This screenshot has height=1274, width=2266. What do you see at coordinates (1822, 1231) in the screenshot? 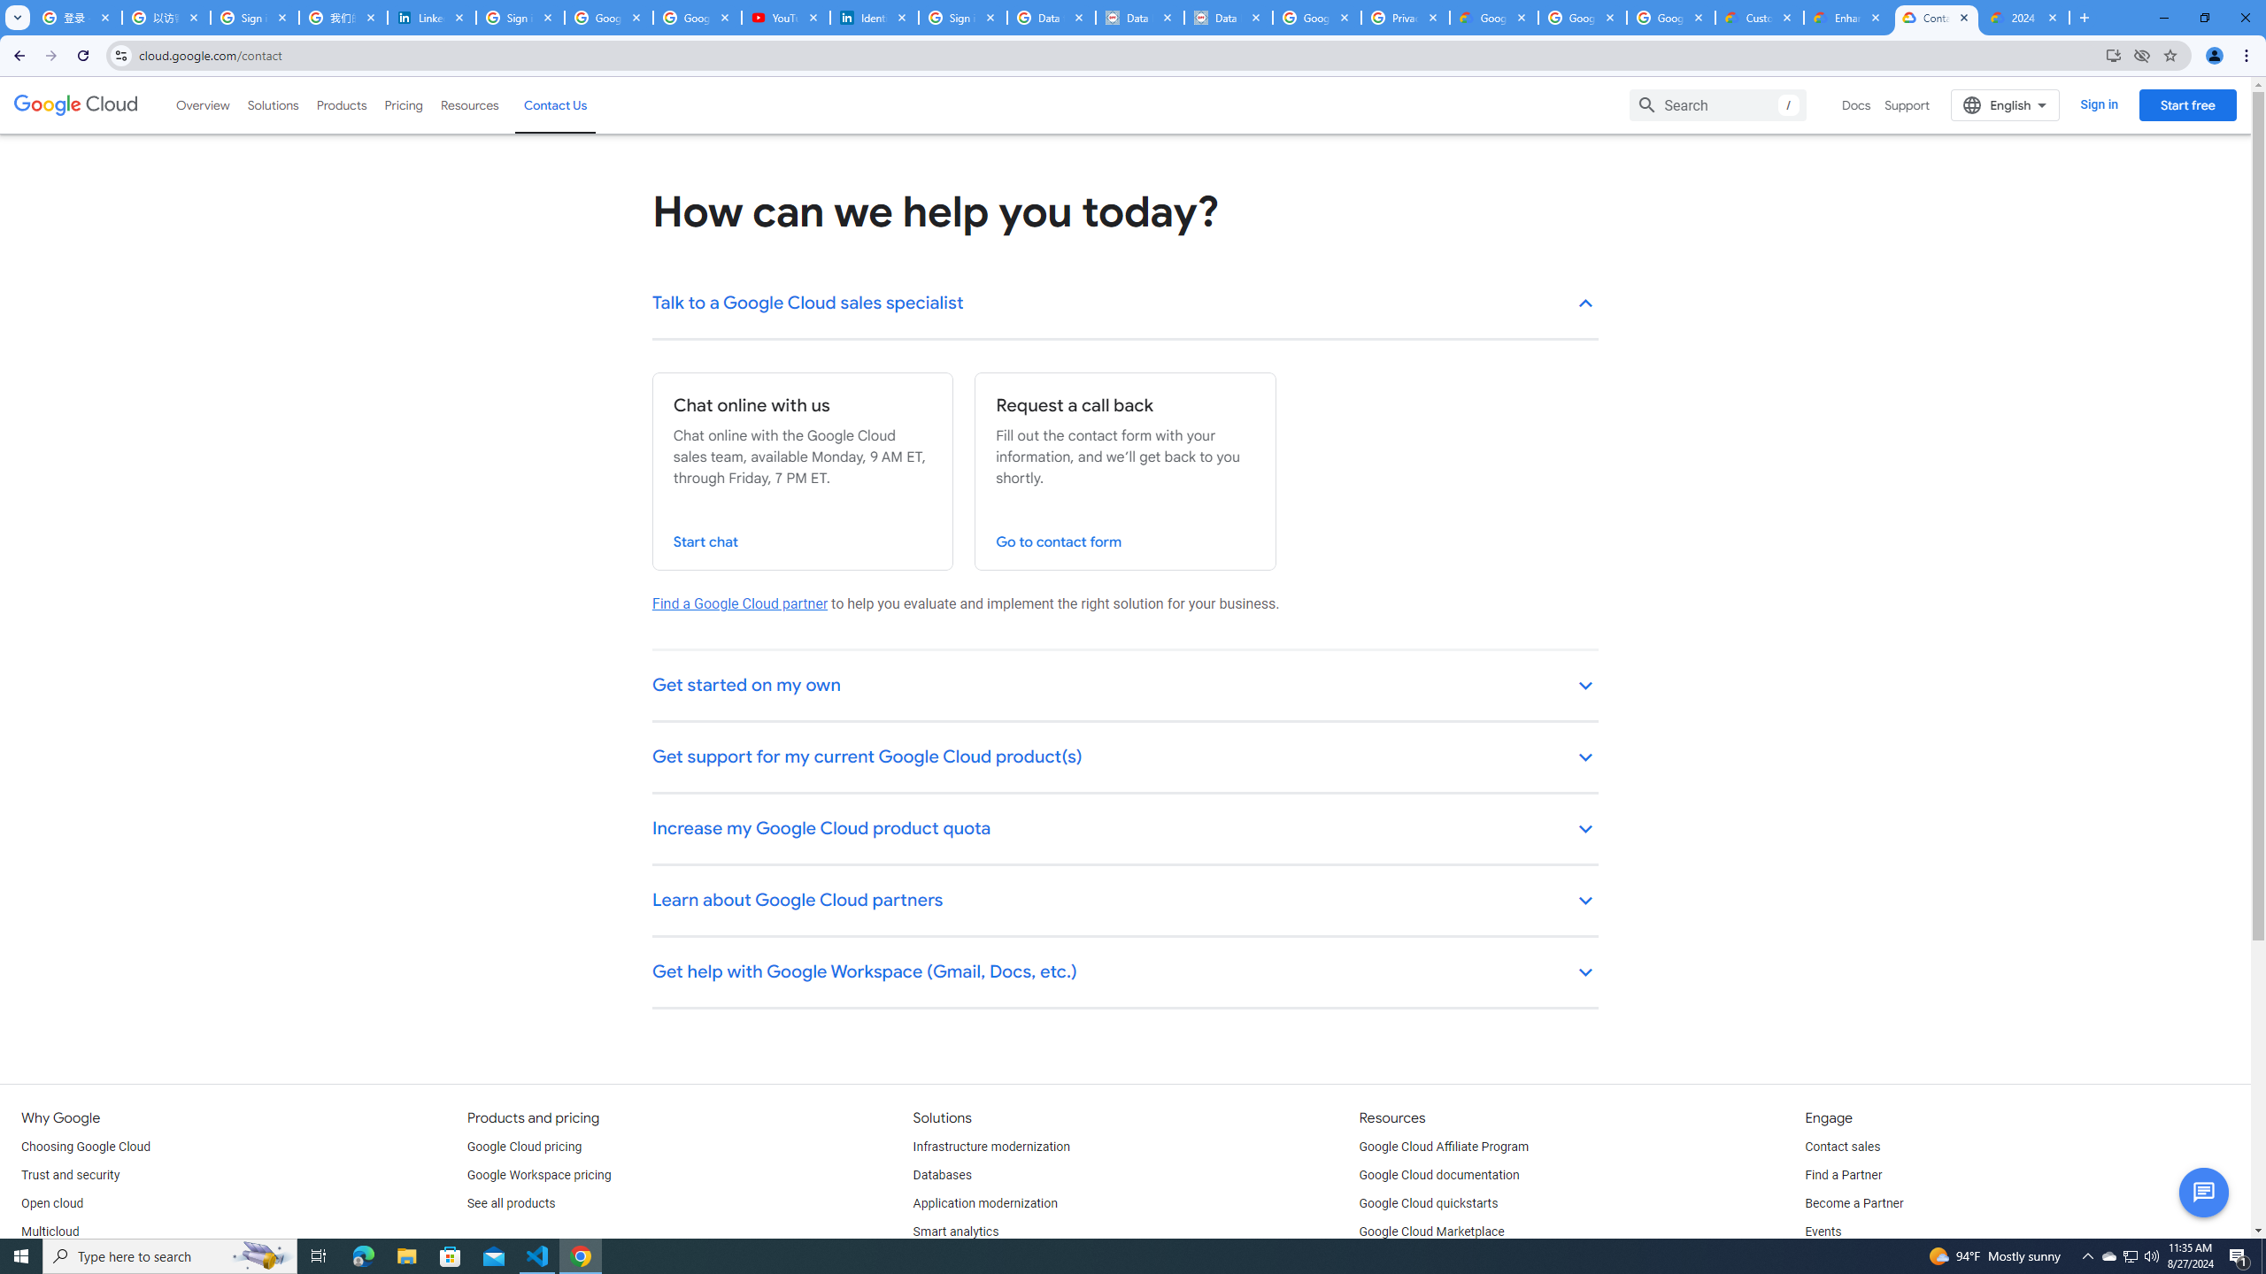
I see `'Events'` at bounding box center [1822, 1231].